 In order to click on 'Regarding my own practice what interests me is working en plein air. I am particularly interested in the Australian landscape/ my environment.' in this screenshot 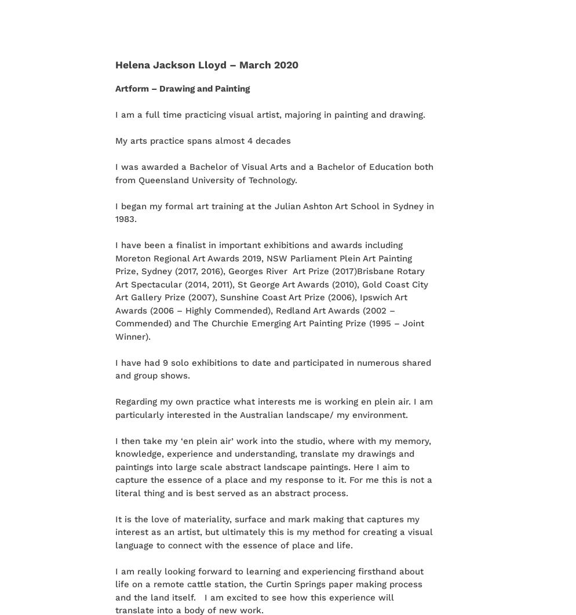, I will do `click(114, 407)`.